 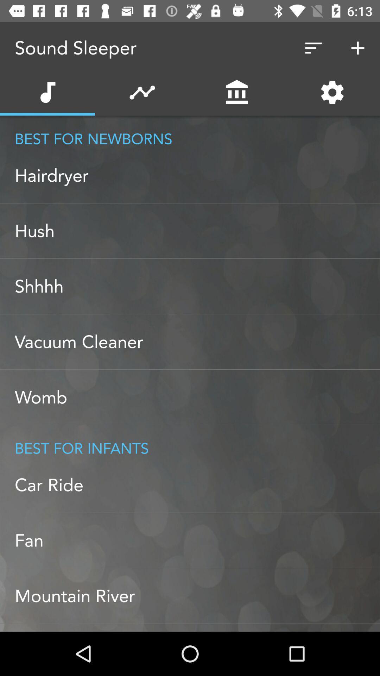 What do you see at coordinates (313, 48) in the screenshot?
I see `icon next to the sound sleeper icon` at bounding box center [313, 48].